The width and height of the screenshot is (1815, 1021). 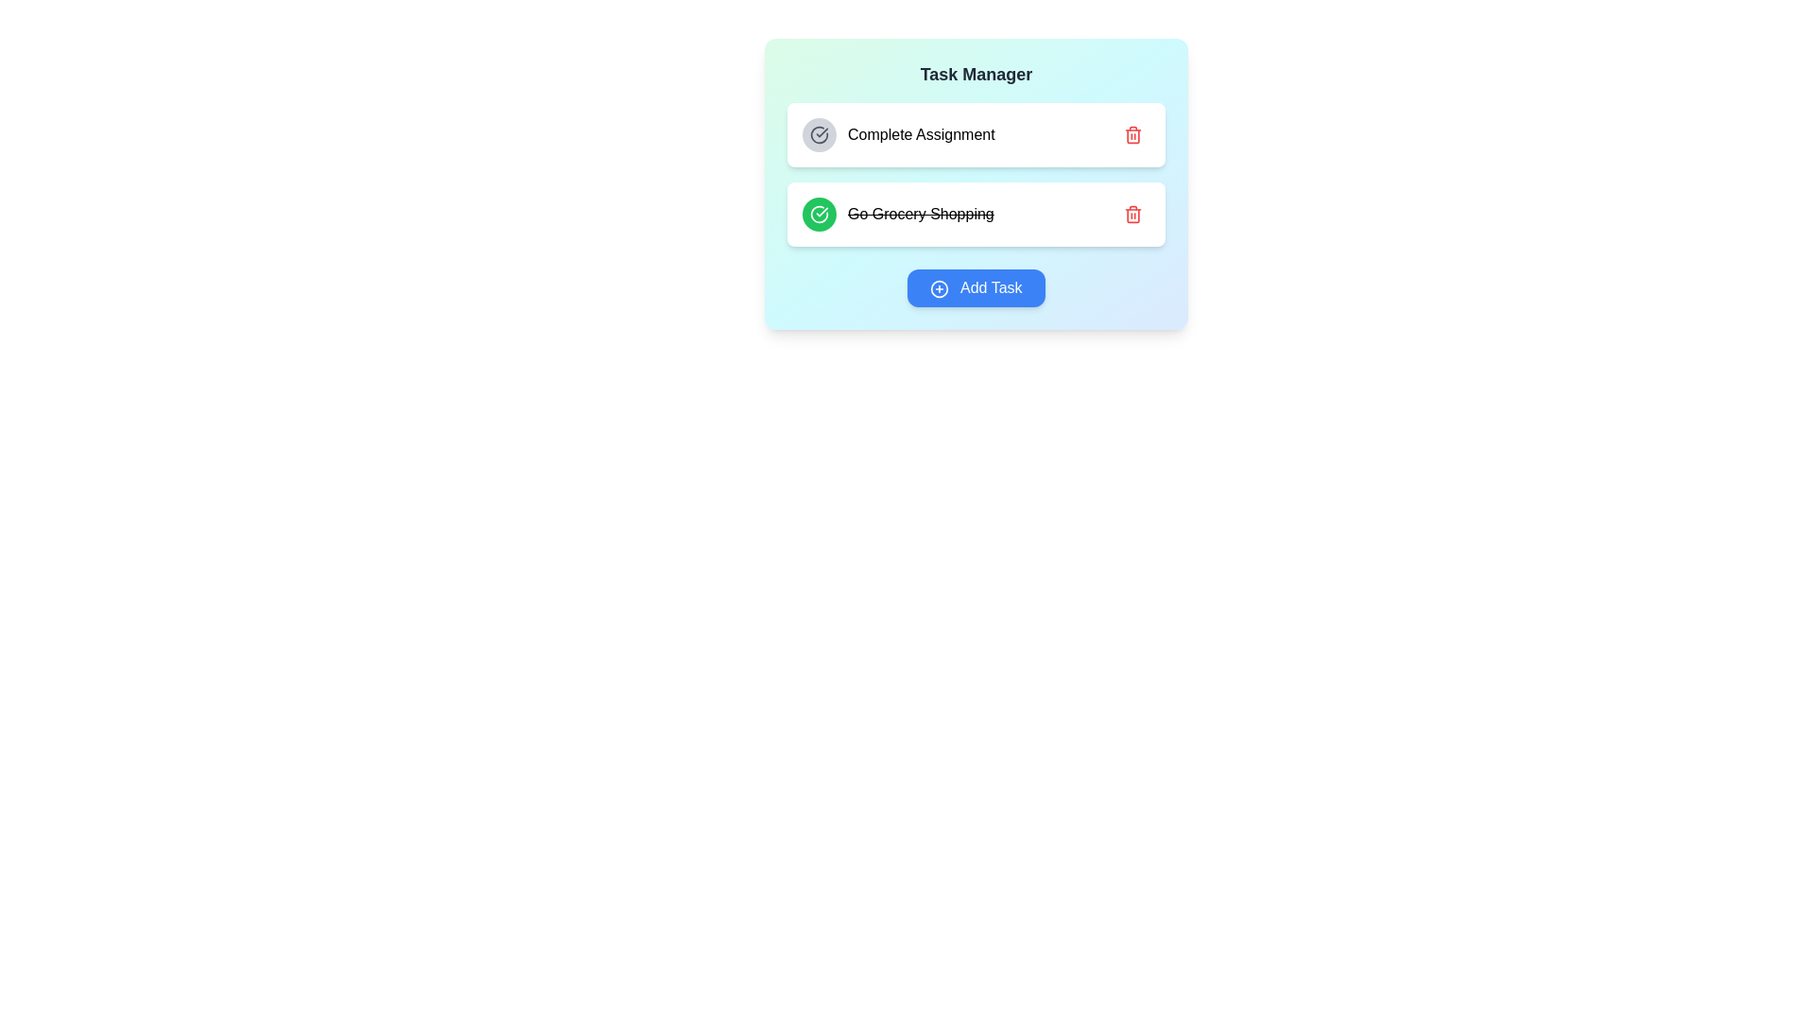 I want to click on the delete icon button located on the far-right side of the 'Go Grocery Shopping' task entry, so click(x=1133, y=214).